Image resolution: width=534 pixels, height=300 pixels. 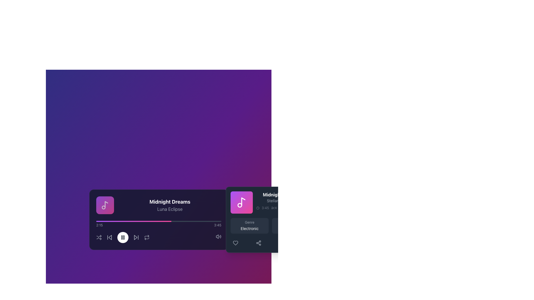 What do you see at coordinates (235, 243) in the screenshot?
I see `the heart icon, which is a hollow minimalist icon located in the bottom-left corner of the card displaying song details` at bounding box center [235, 243].